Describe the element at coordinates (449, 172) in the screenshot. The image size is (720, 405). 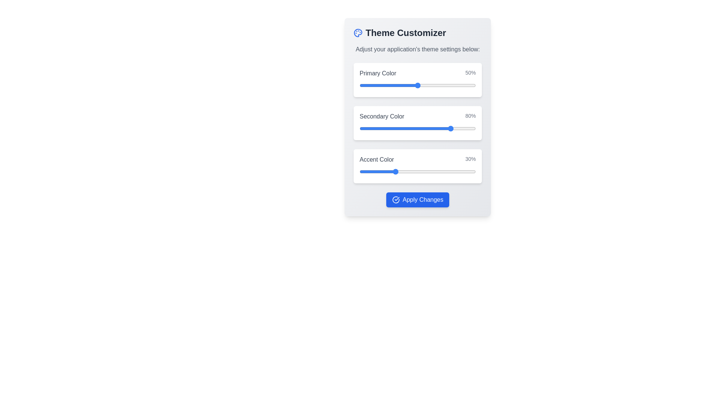
I see `the accent color percentage` at that location.